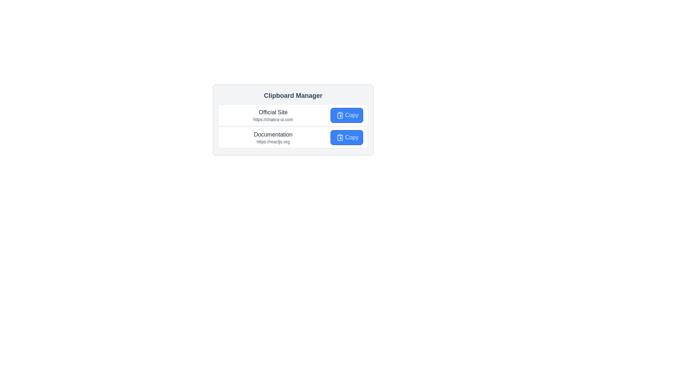 The height and width of the screenshot is (387, 689). What do you see at coordinates (273, 138) in the screenshot?
I see `the 'Documentation' informational text block, which contains the URL 'https://reactjs.org'` at bounding box center [273, 138].